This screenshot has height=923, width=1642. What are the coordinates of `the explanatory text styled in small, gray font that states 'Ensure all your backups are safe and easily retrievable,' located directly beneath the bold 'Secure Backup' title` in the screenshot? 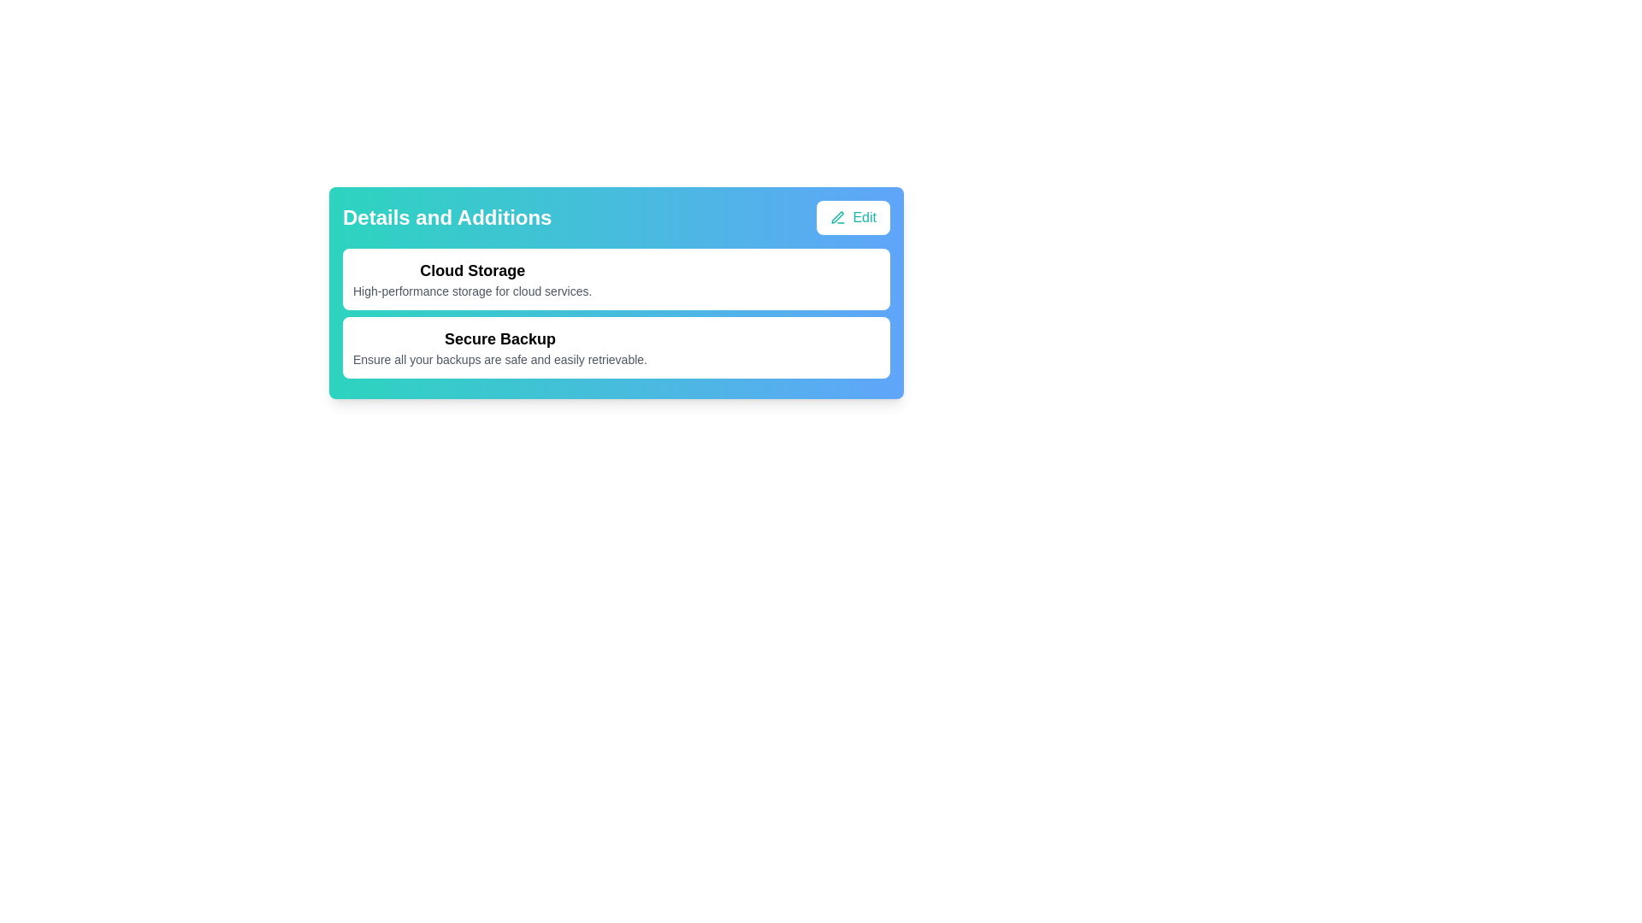 It's located at (499, 358).